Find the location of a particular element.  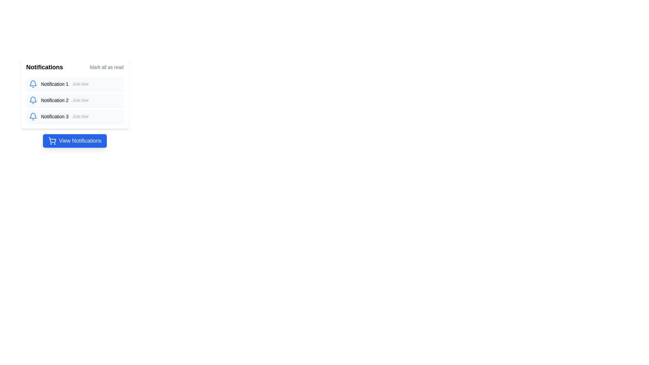

the bell icon indicating notifications located to the left of the text 'Notification 3' in the notification panel is located at coordinates (32, 116).